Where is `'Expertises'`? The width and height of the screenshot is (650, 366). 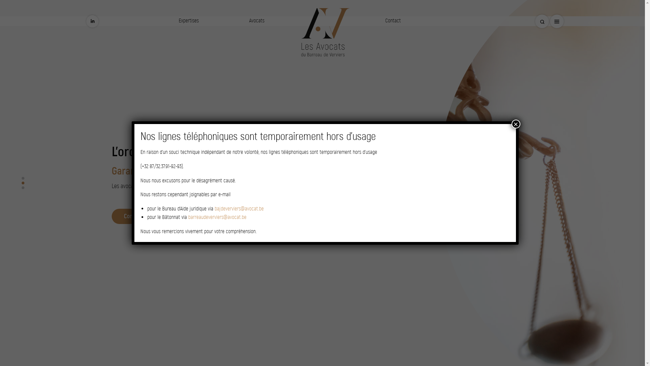 'Expertises' is located at coordinates (189, 20).